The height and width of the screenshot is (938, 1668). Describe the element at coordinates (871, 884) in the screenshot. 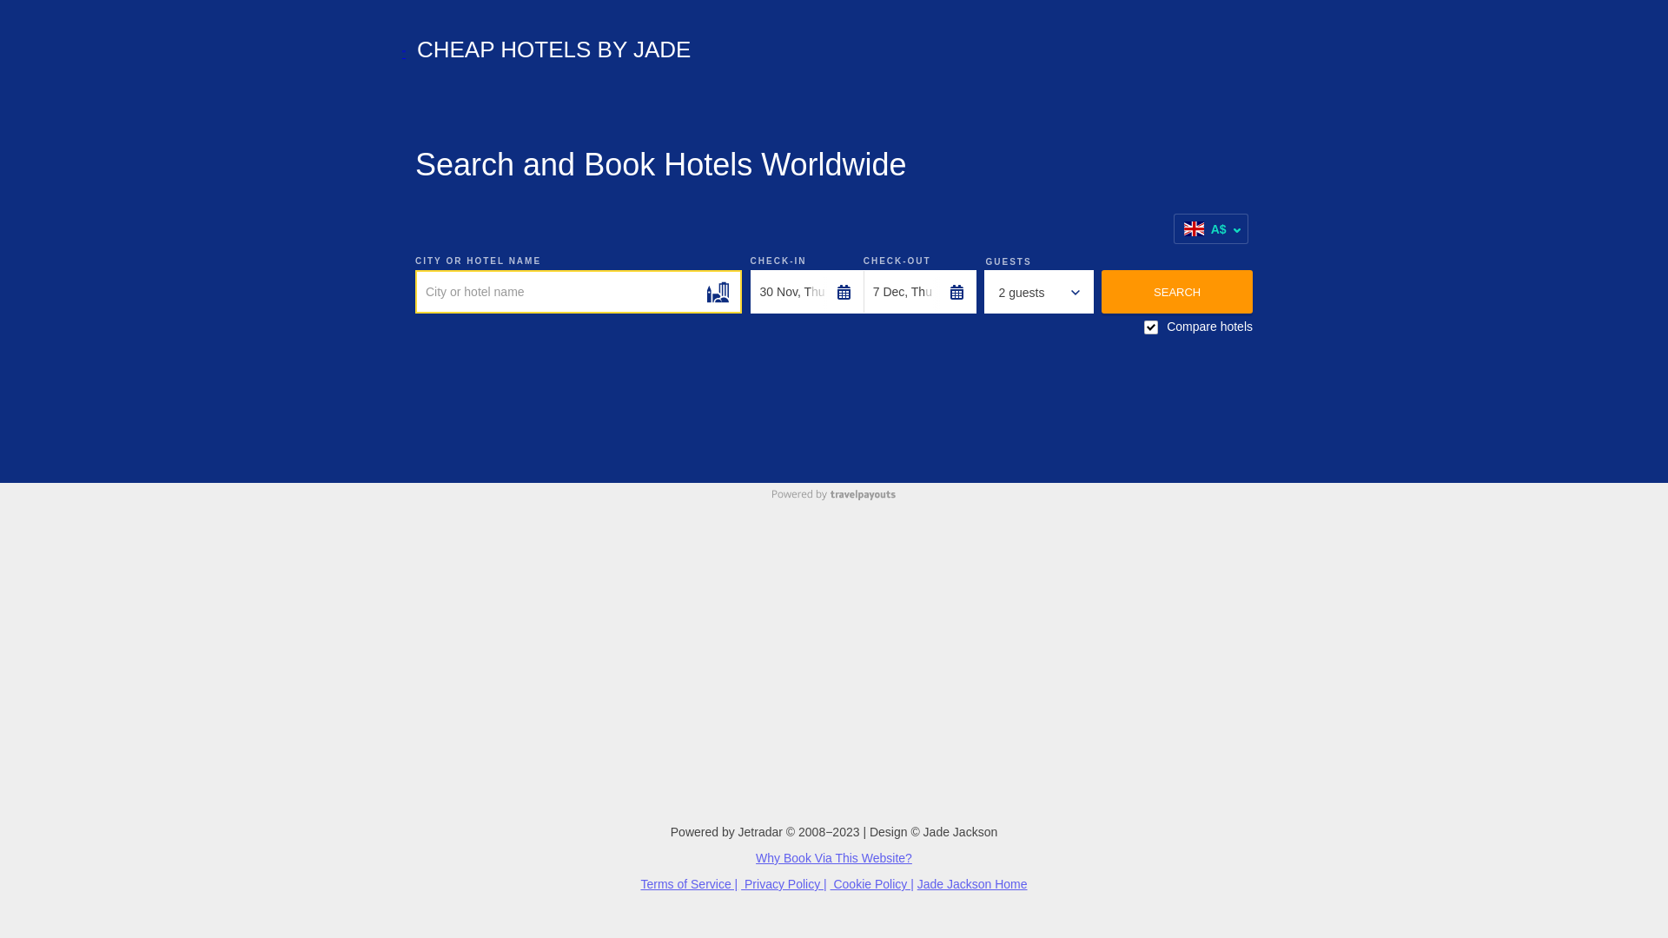

I see `'Cookie Policy |'` at that location.